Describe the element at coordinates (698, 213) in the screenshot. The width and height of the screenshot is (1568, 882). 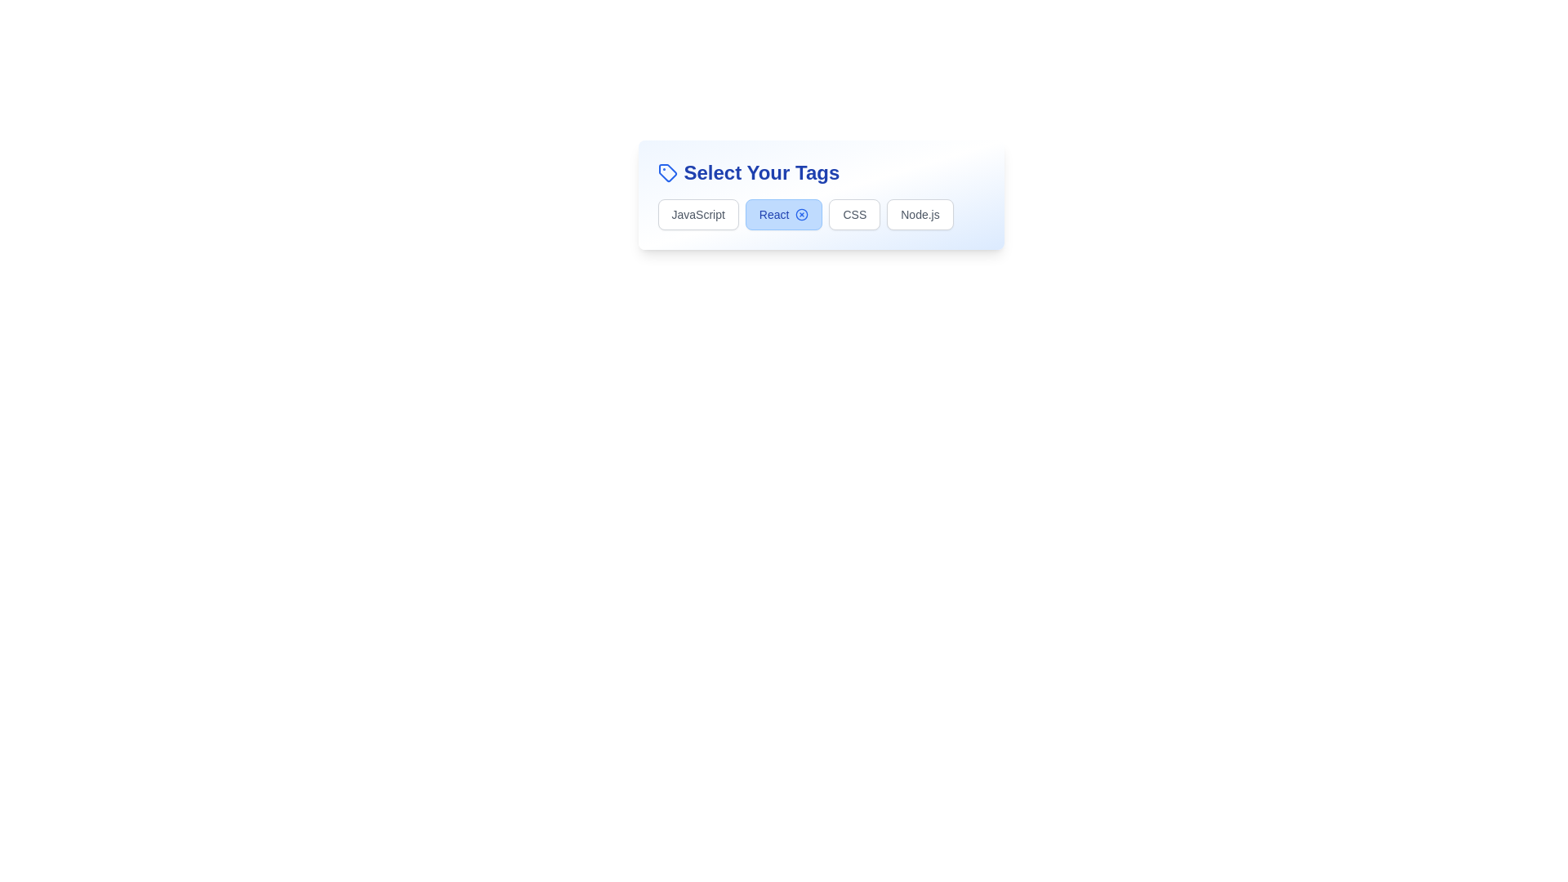
I see `the 'JavaScript' button located beneath the heading 'Select Your Tags'` at that location.